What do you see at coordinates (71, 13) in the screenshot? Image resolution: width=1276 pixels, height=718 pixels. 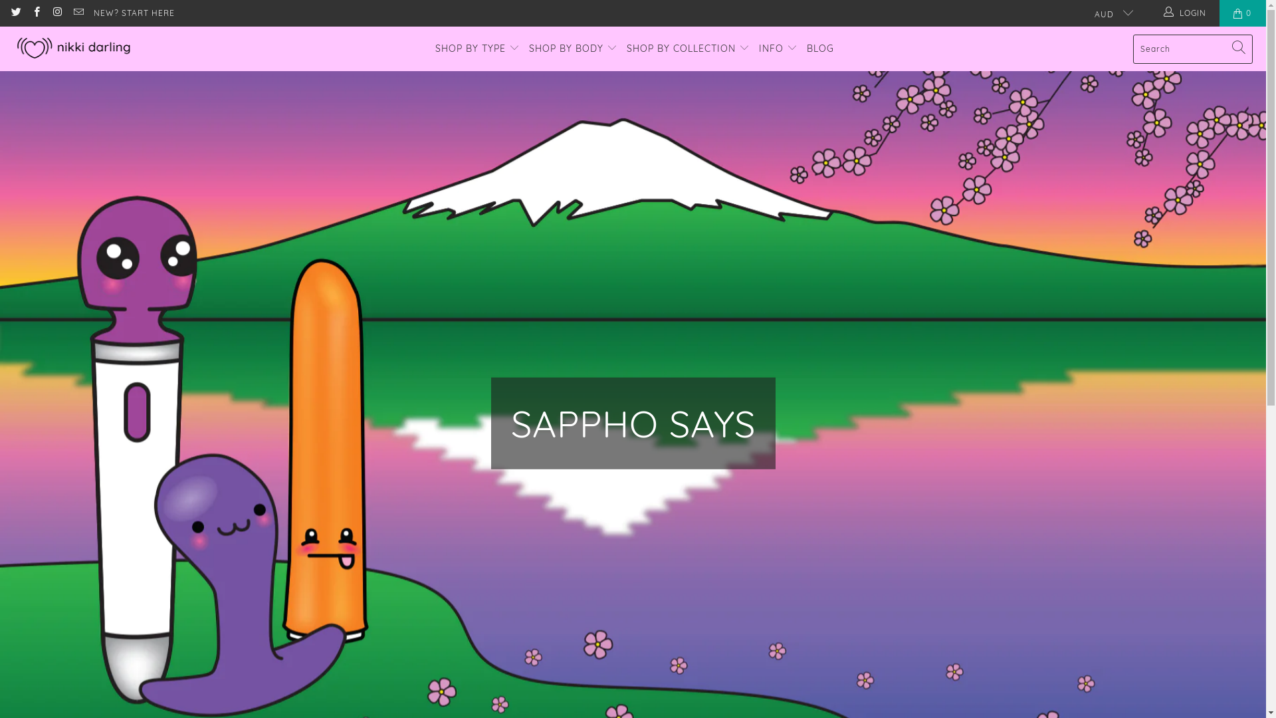 I see `'Email Nikki Darling'` at bounding box center [71, 13].